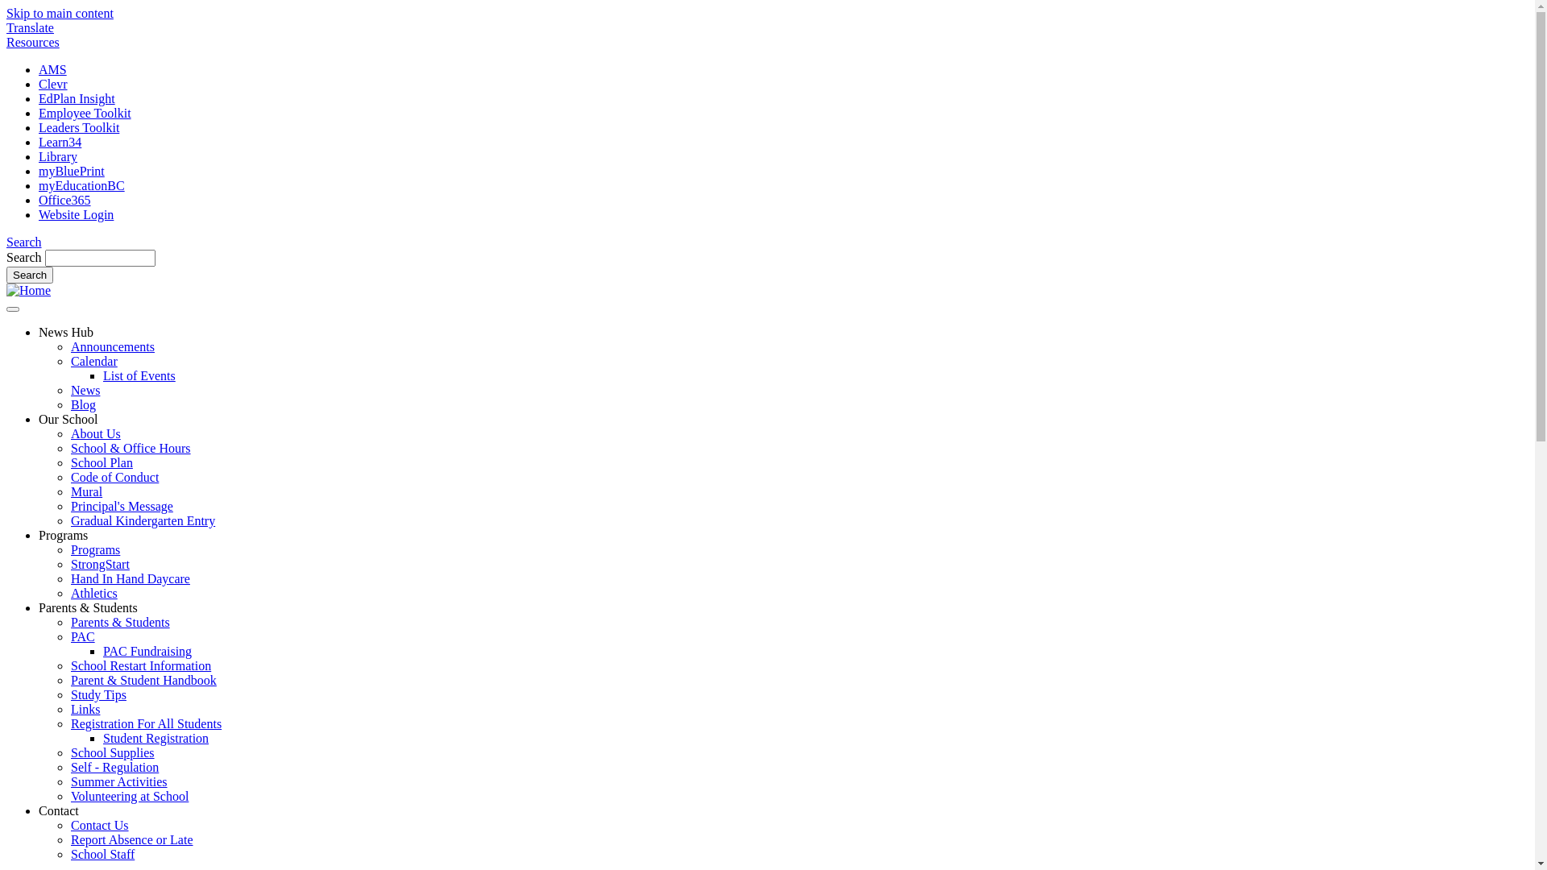 The height and width of the screenshot is (870, 1547). What do you see at coordinates (69, 390) in the screenshot?
I see `'News'` at bounding box center [69, 390].